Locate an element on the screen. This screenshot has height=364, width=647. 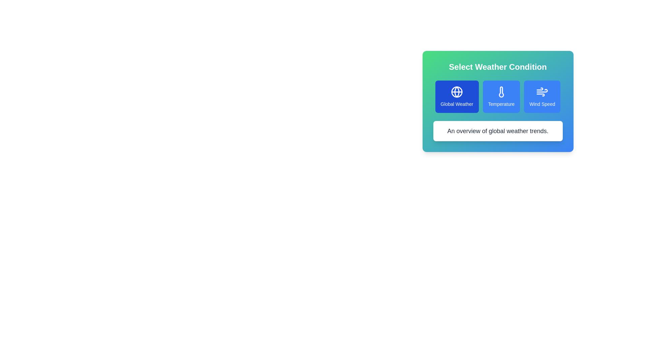
the weather condition Temperature to view its details is located at coordinates (501, 96).